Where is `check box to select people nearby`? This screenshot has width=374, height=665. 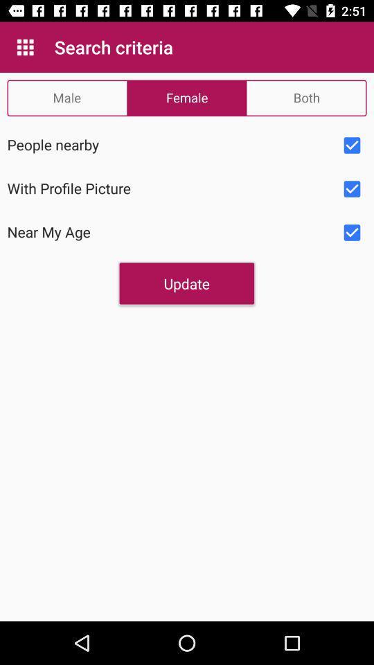
check box to select people nearby is located at coordinates (352, 145).